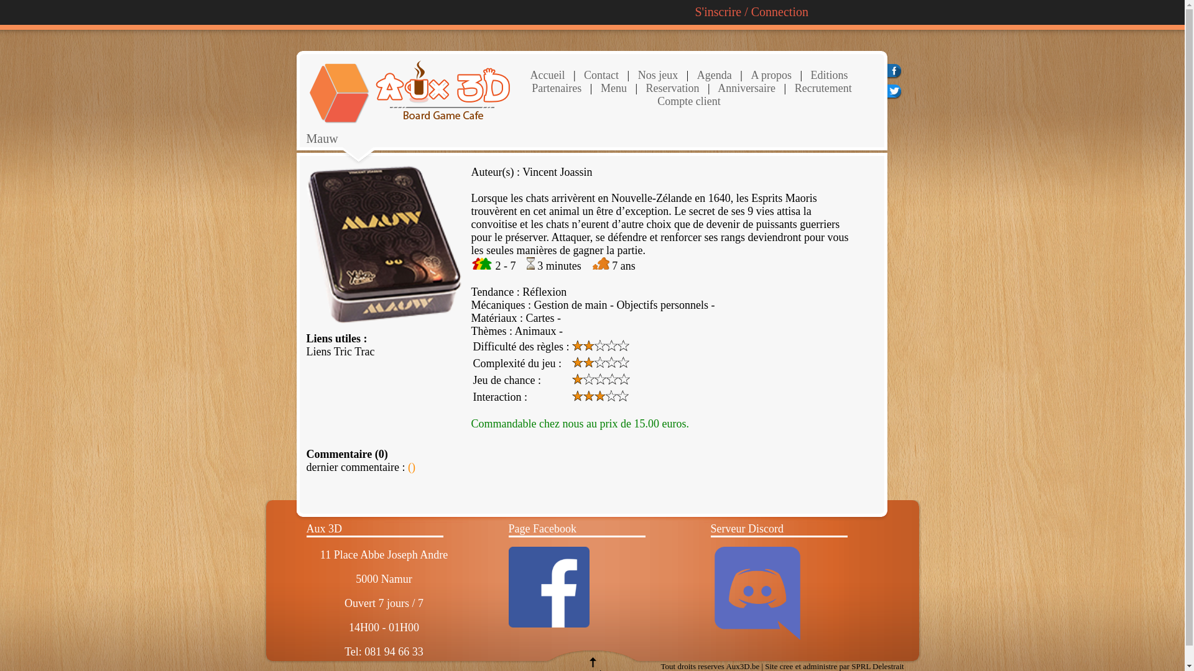 The image size is (1194, 671). I want to click on 'Contact', so click(581, 75).